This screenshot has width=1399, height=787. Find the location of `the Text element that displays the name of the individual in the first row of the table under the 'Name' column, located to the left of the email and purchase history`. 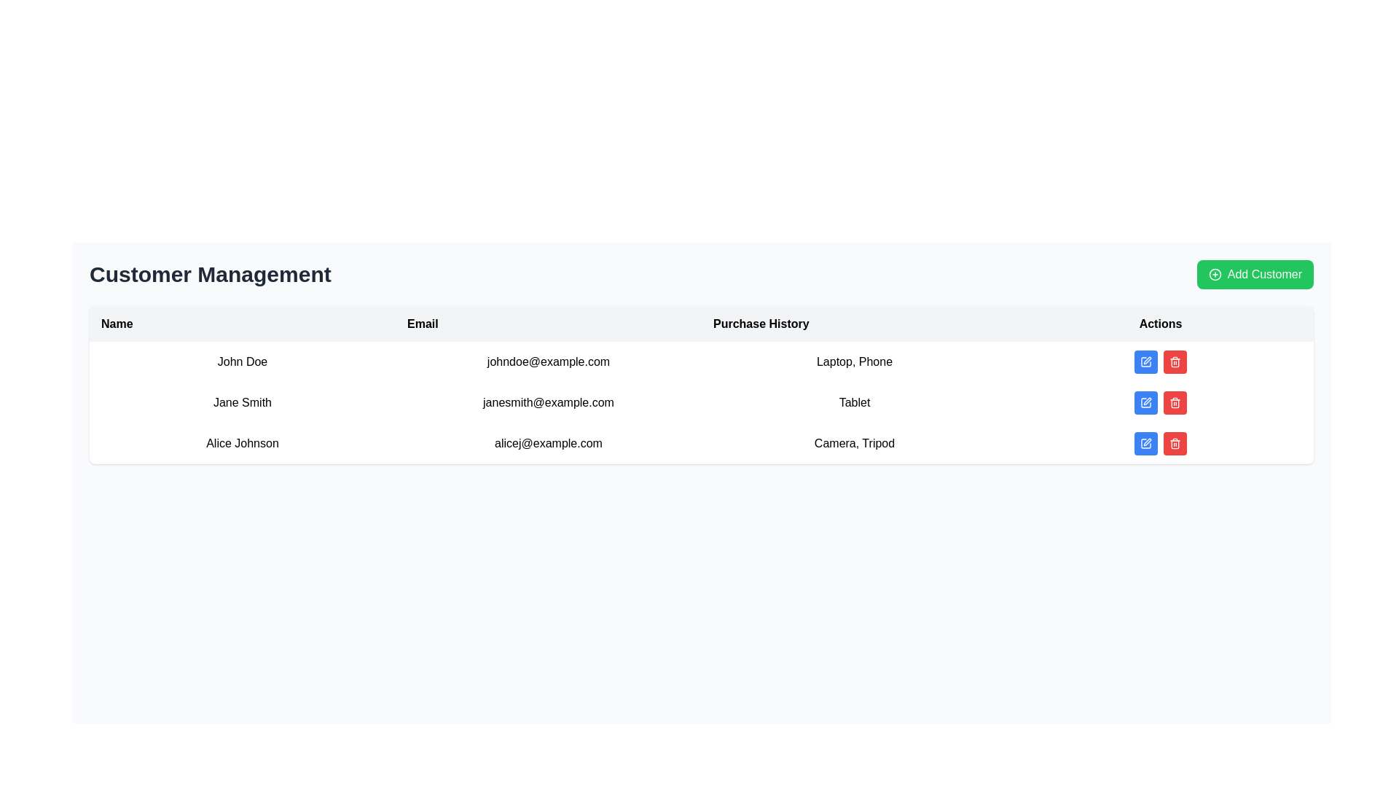

the Text element that displays the name of the individual in the first row of the table under the 'Name' column, located to the left of the email and purchase history is located at coordinates (242, 361).